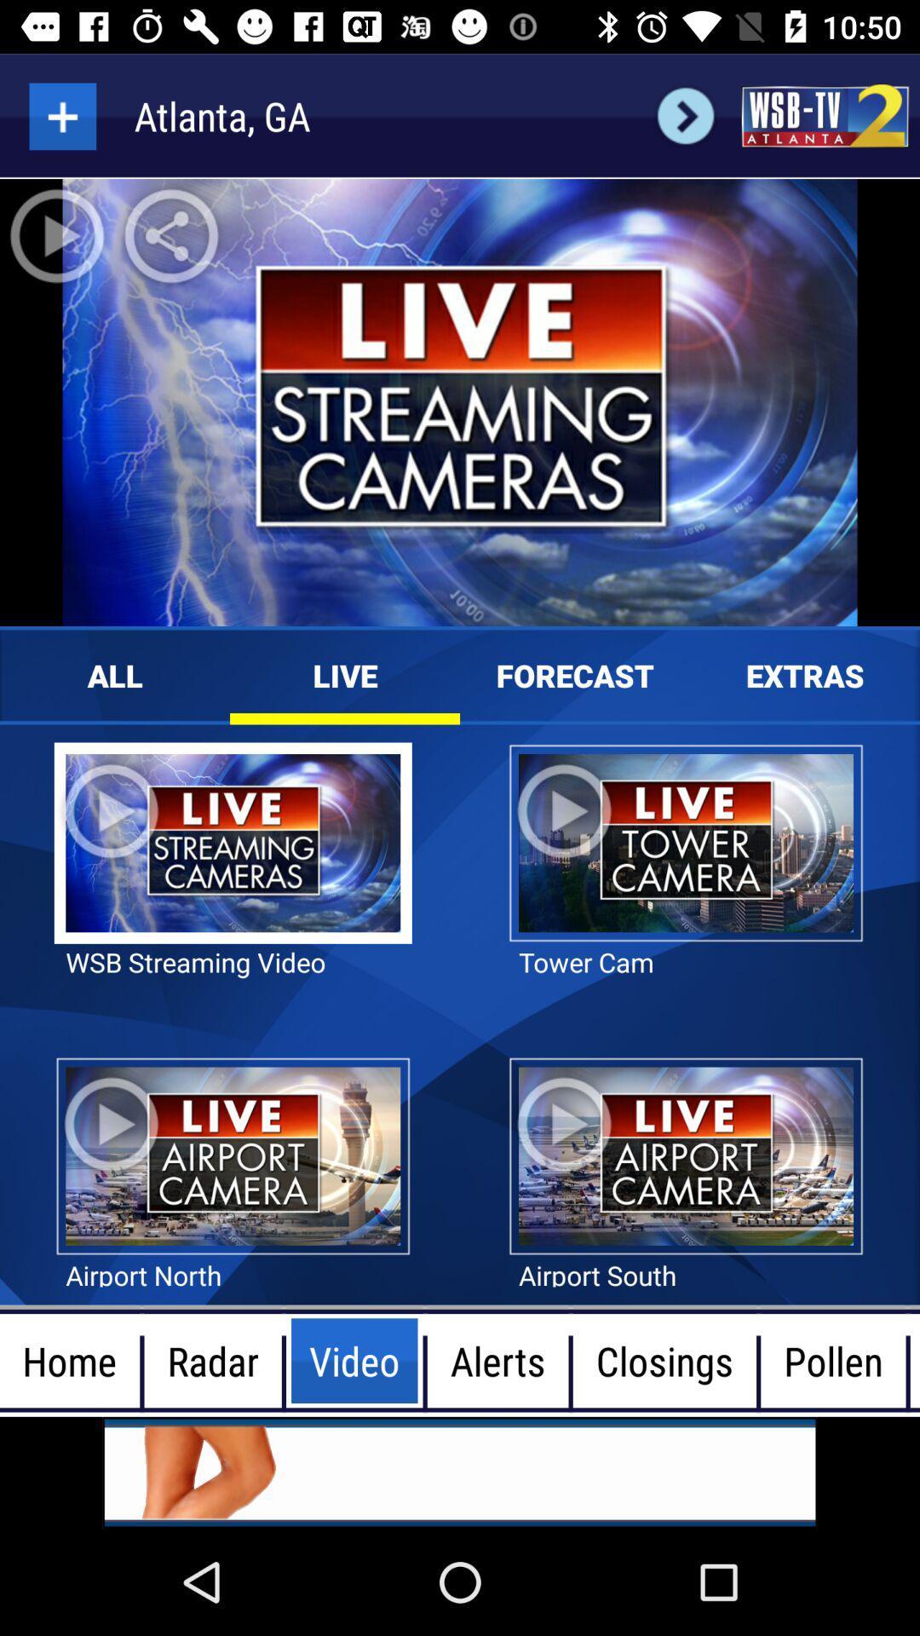 This screenshot has height=1636, width=920. I want to click on the add icon, so click(61, 115).